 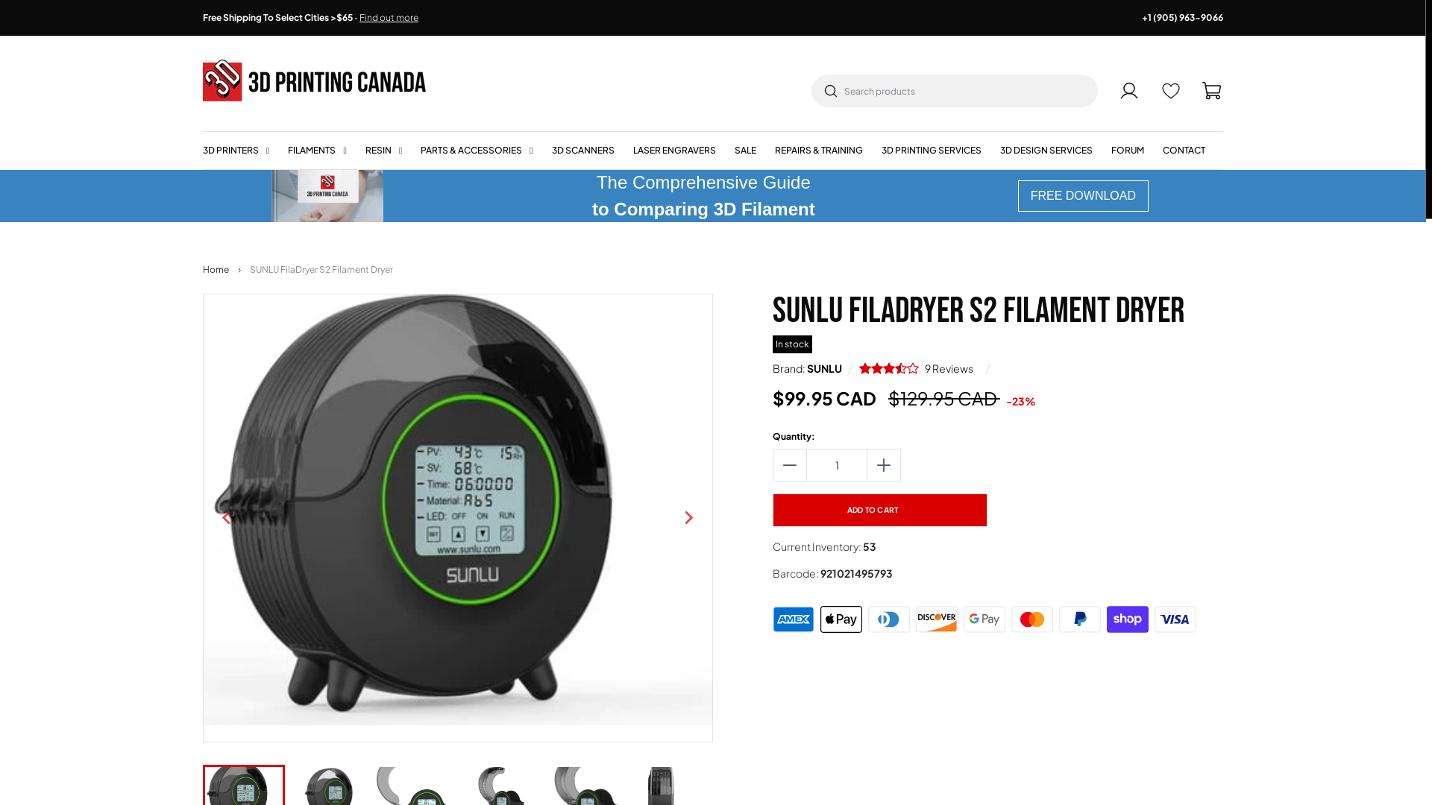 I want to click on 'REPAIRS & TRAINING', so click(x=818, y=150).